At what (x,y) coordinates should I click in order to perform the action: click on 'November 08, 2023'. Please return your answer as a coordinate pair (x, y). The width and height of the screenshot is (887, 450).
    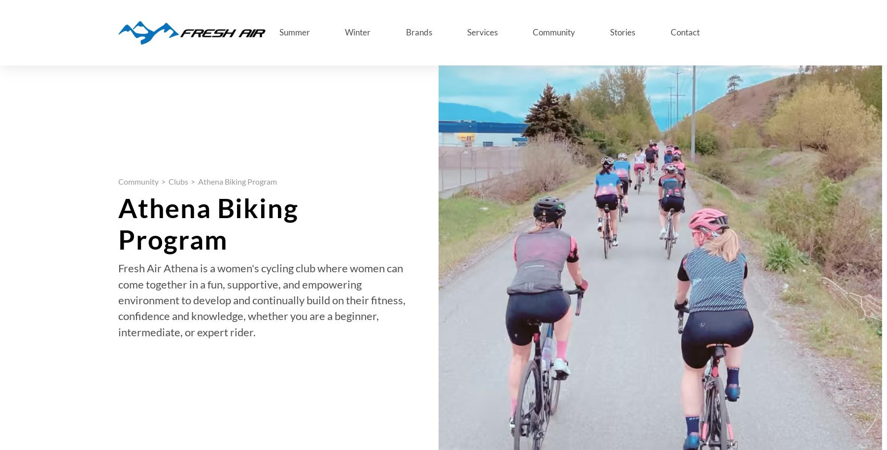
    Looking at the image, I should click on (512, 374).